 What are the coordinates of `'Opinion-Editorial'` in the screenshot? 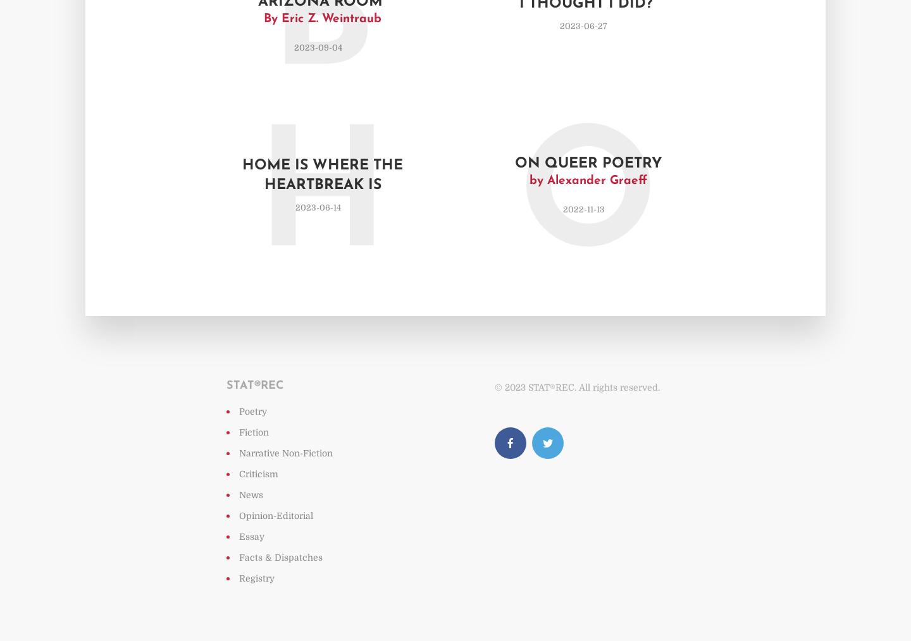 It's located at (276, 515).